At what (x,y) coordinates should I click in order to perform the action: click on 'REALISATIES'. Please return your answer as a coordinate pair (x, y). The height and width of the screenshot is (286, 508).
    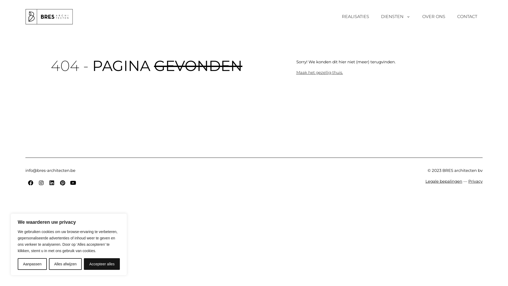
    Looking at the image, I should click on (355, 16).